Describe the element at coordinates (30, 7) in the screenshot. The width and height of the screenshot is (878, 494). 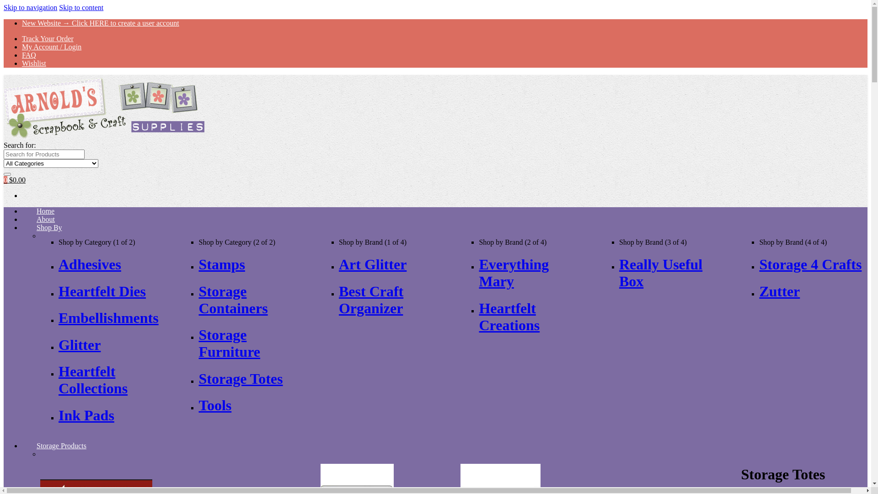
I see `'Skip to navigation'` at that location.